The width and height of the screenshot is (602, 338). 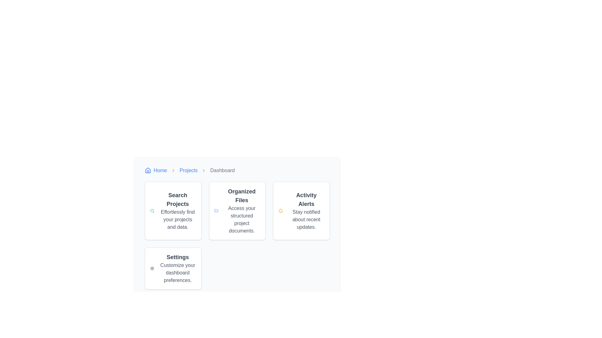 What do you see at coordinates (188, 170) in the screenshot?
I see `the 'Projects' hyperlink located in the breadcrumb navigation` at bounding box center [188, 170].